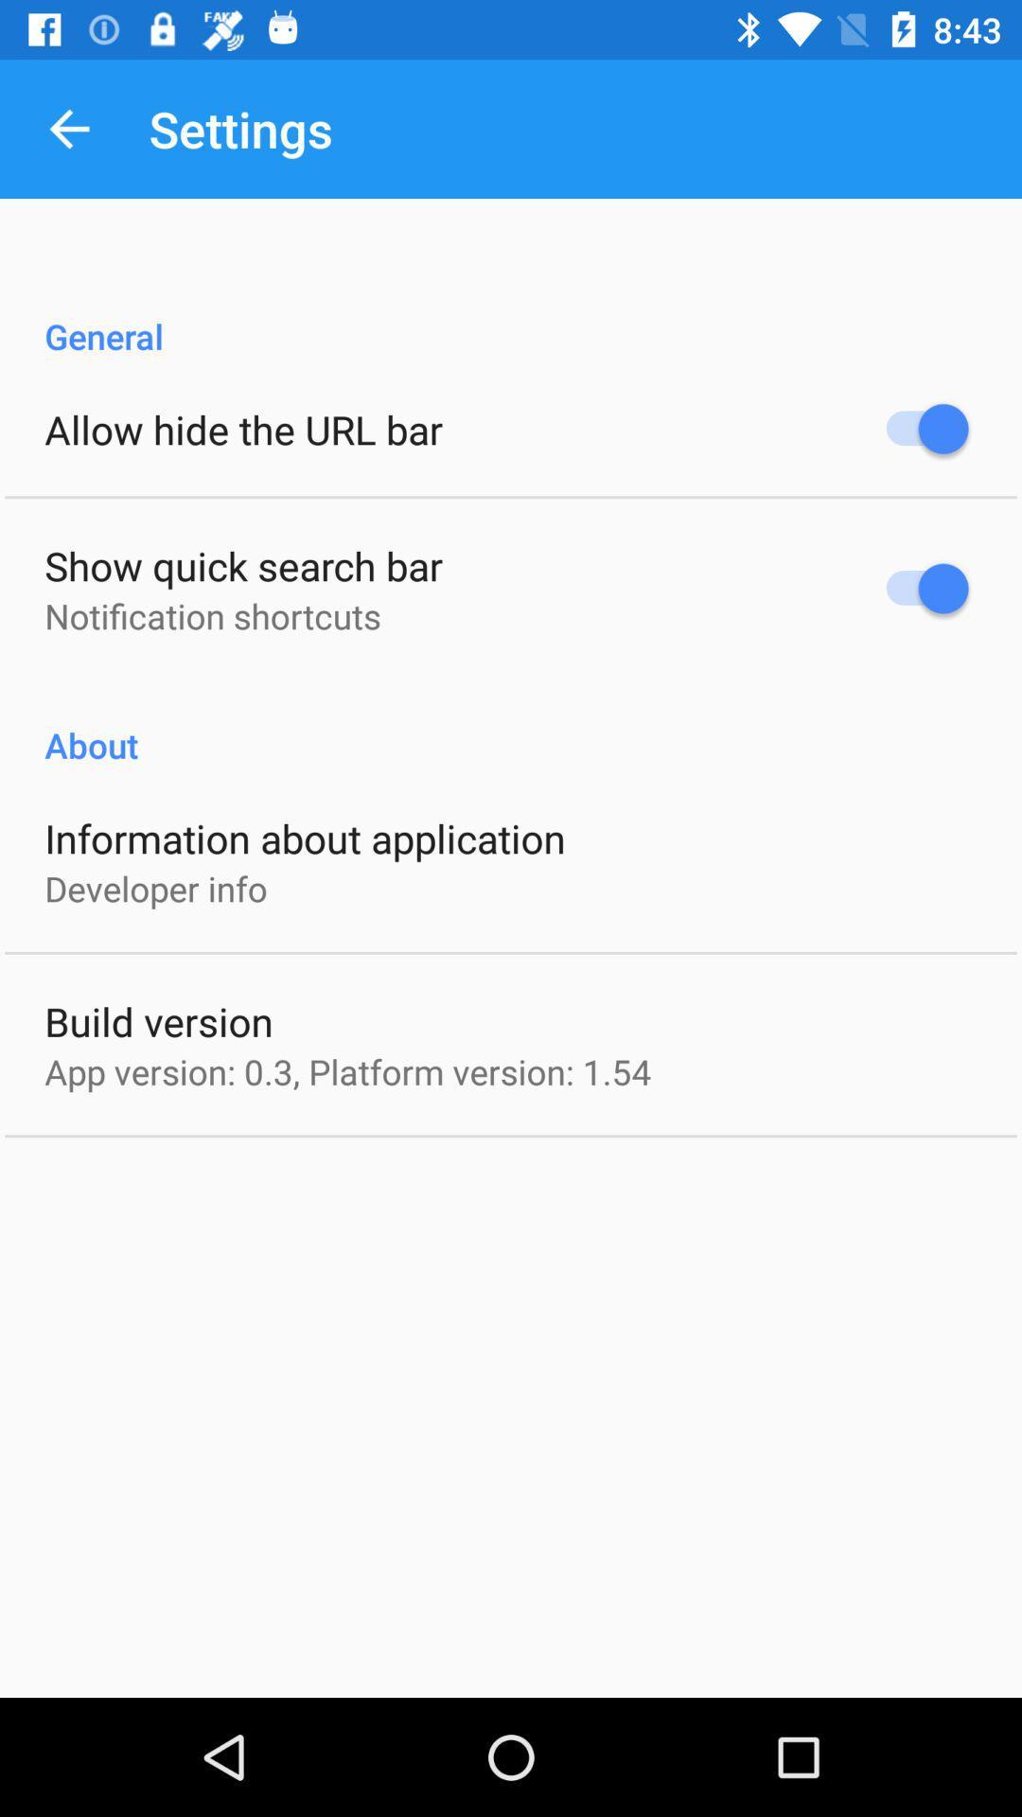  What do you see at coordinates (242, 564) in the screenshot?
I see `show quick search item` at bounding box center [242, 564].